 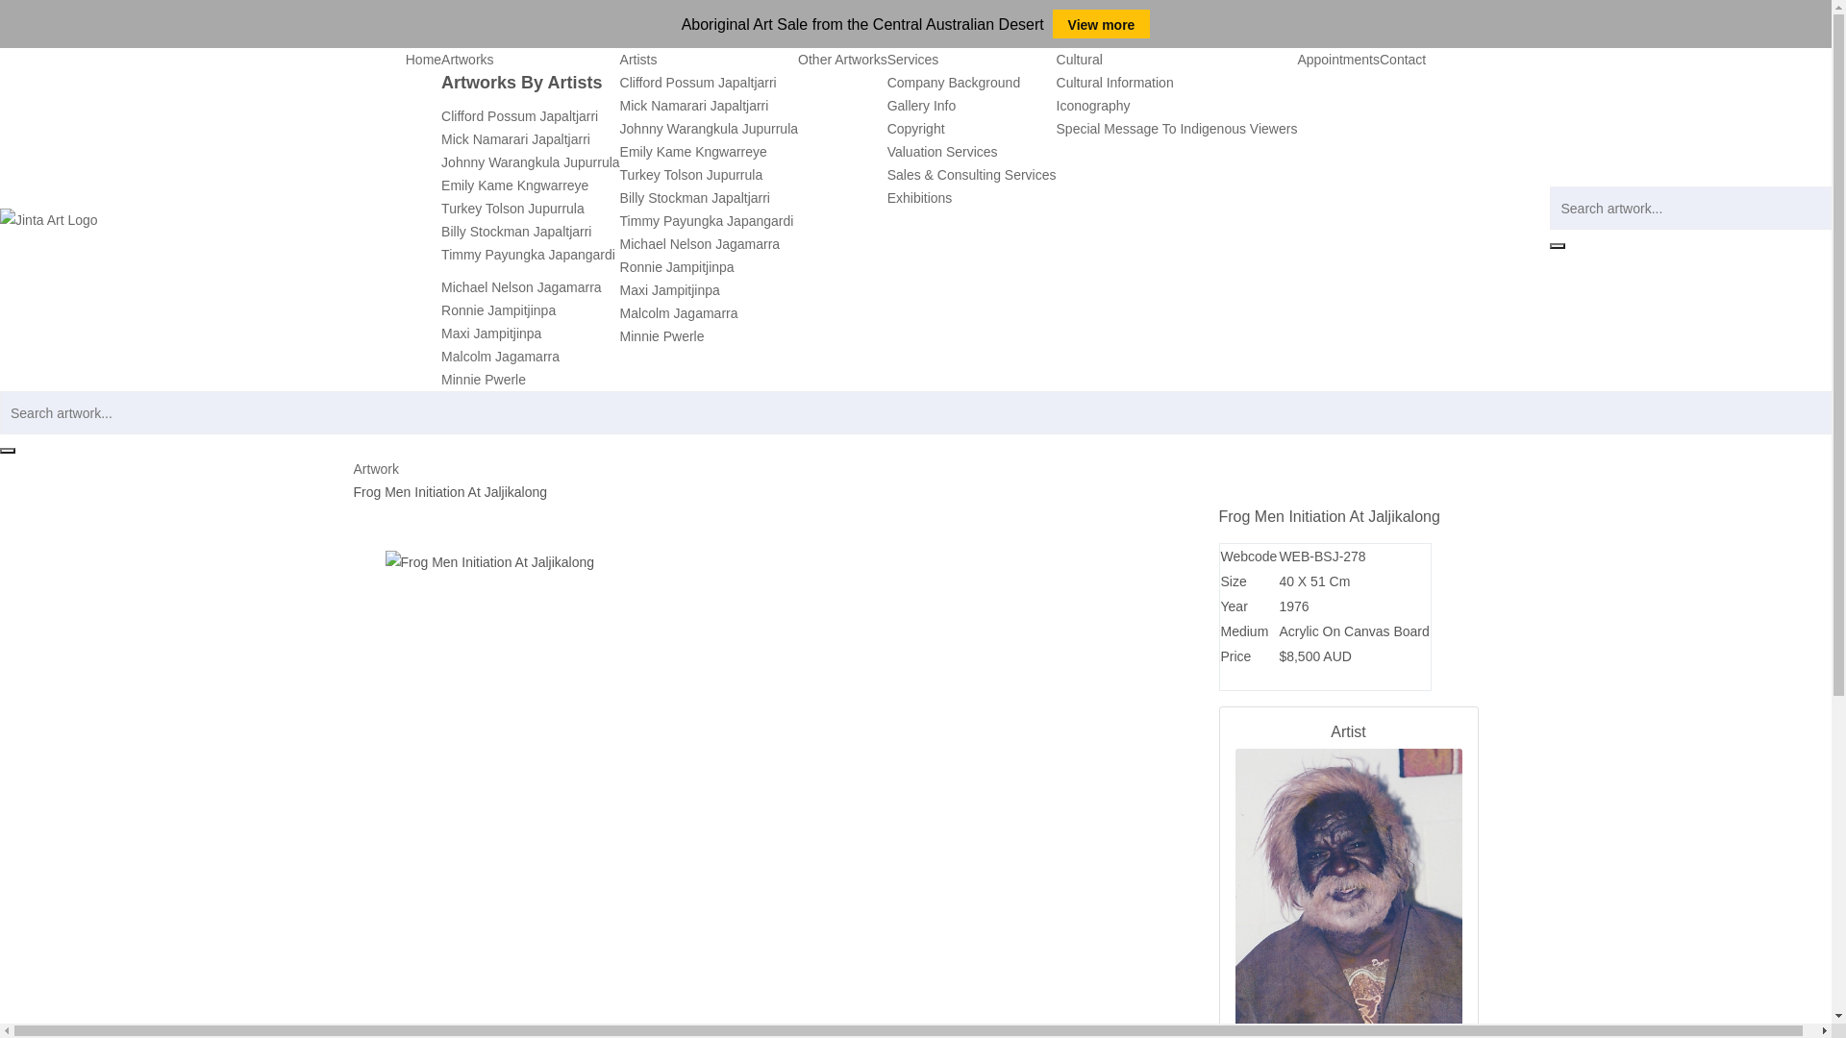 What do you see at coordinates (422, 58) in the screenshot?
I see `'Home'` at bounding box center [422, 58].